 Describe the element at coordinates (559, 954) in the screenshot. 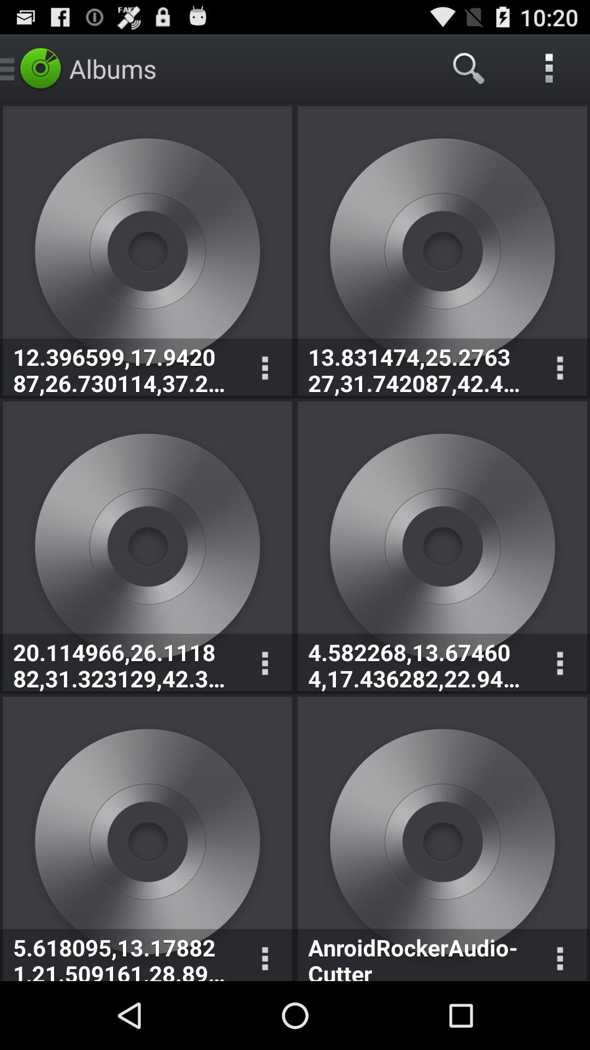

I see `more info on cutter` at that location.